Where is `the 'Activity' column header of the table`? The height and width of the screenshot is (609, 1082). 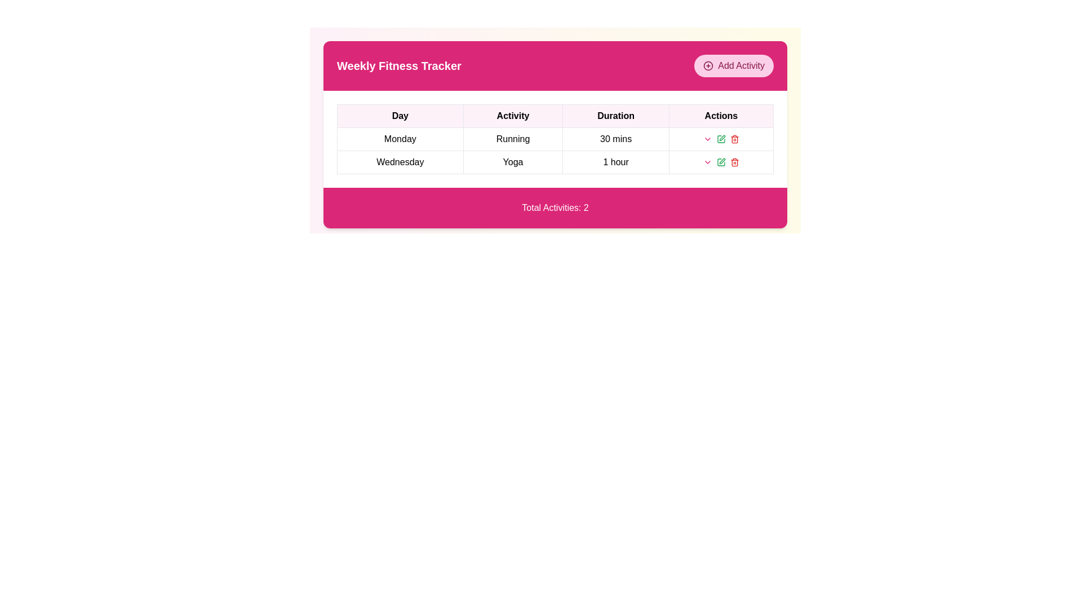
the 'Activity' column header of the table is located at coordinates (512, 116).